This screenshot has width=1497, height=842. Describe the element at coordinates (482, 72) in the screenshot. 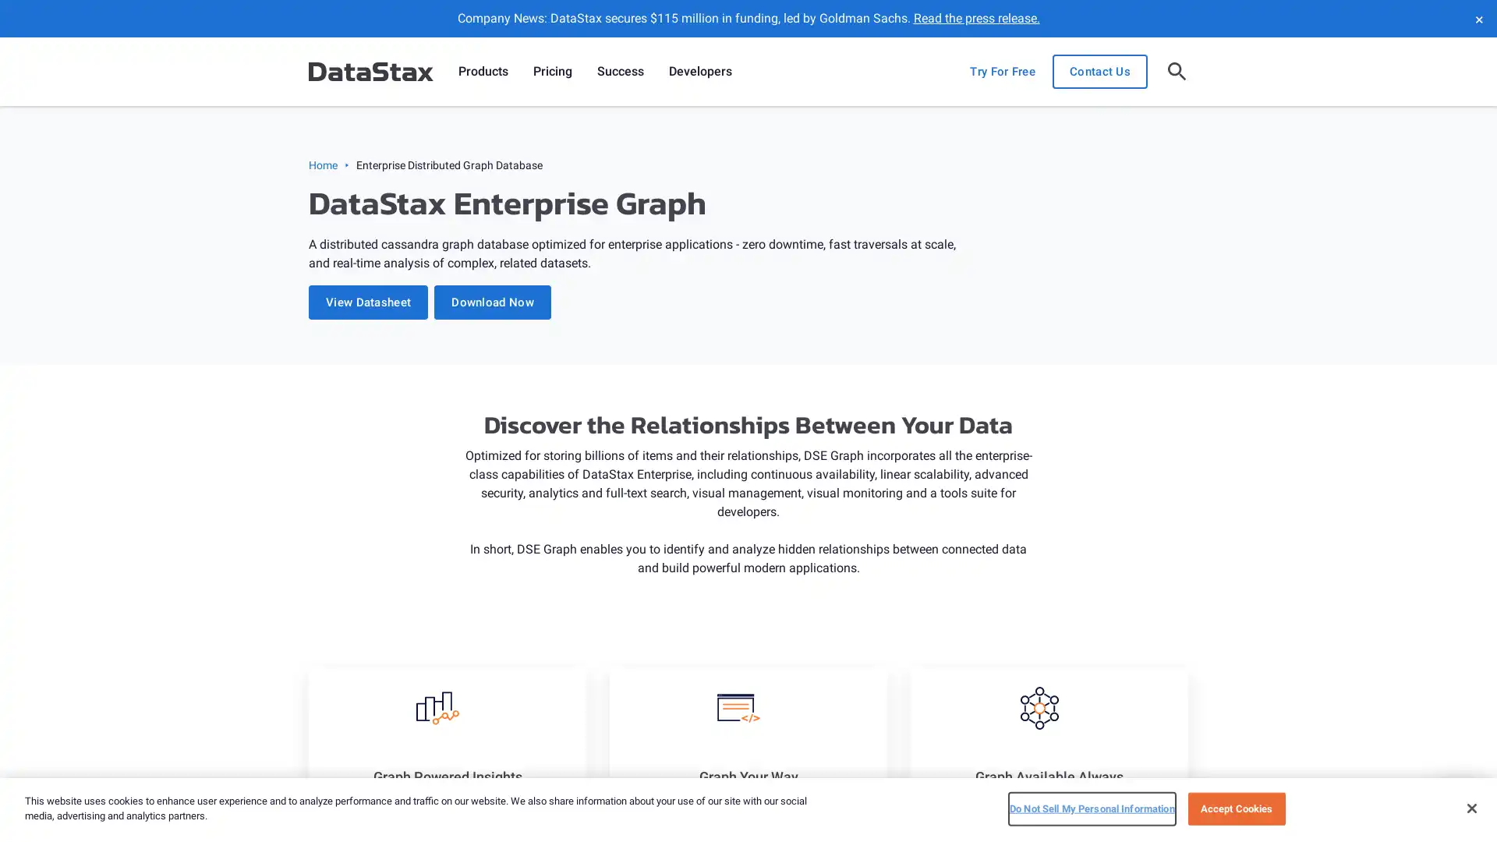

I see `Products` at that location.